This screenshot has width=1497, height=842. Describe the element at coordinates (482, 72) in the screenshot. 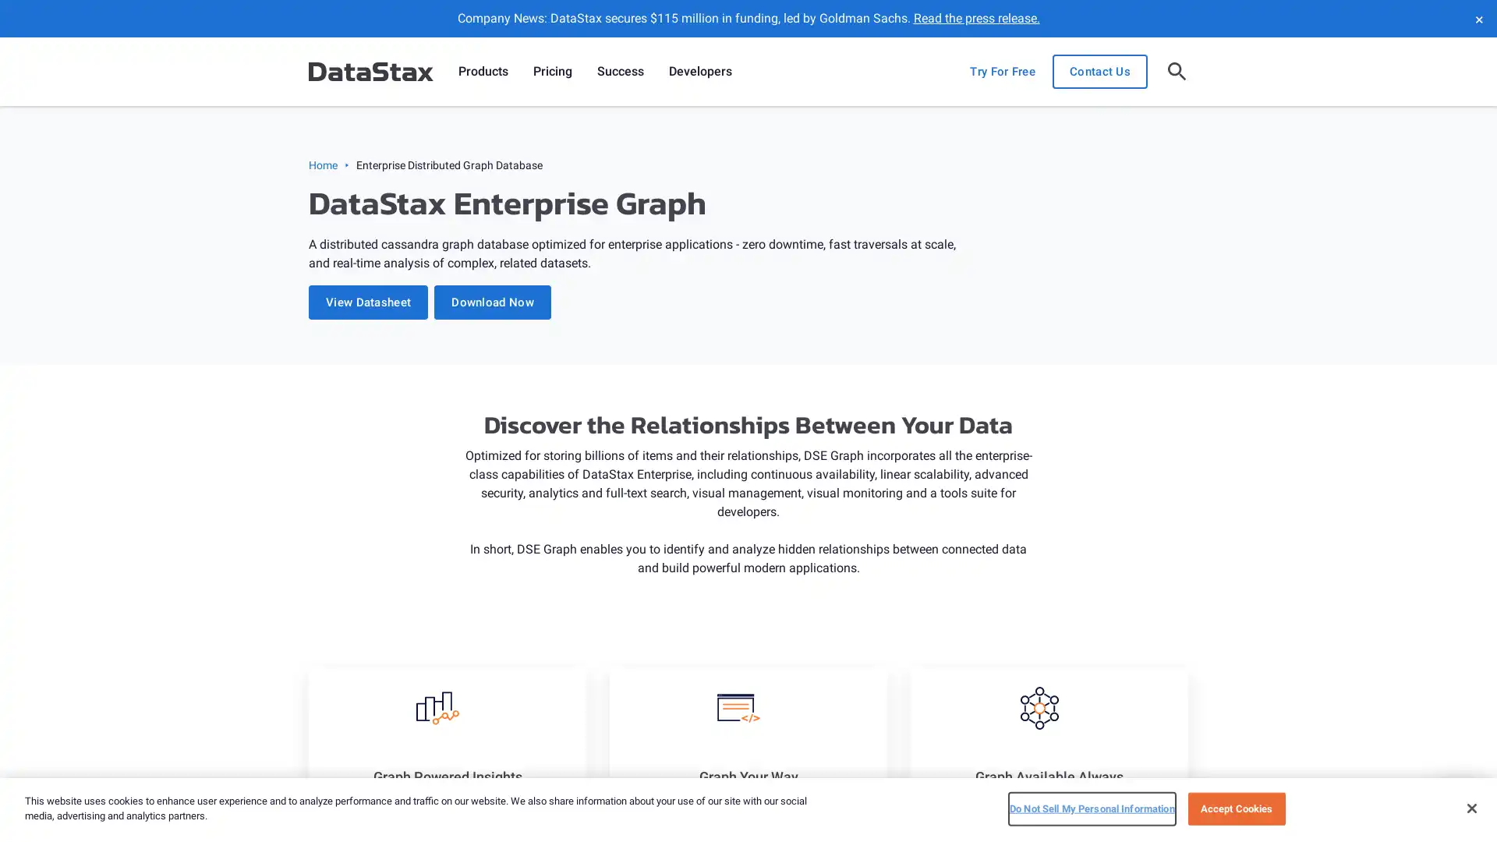

I see `Products` at that location.